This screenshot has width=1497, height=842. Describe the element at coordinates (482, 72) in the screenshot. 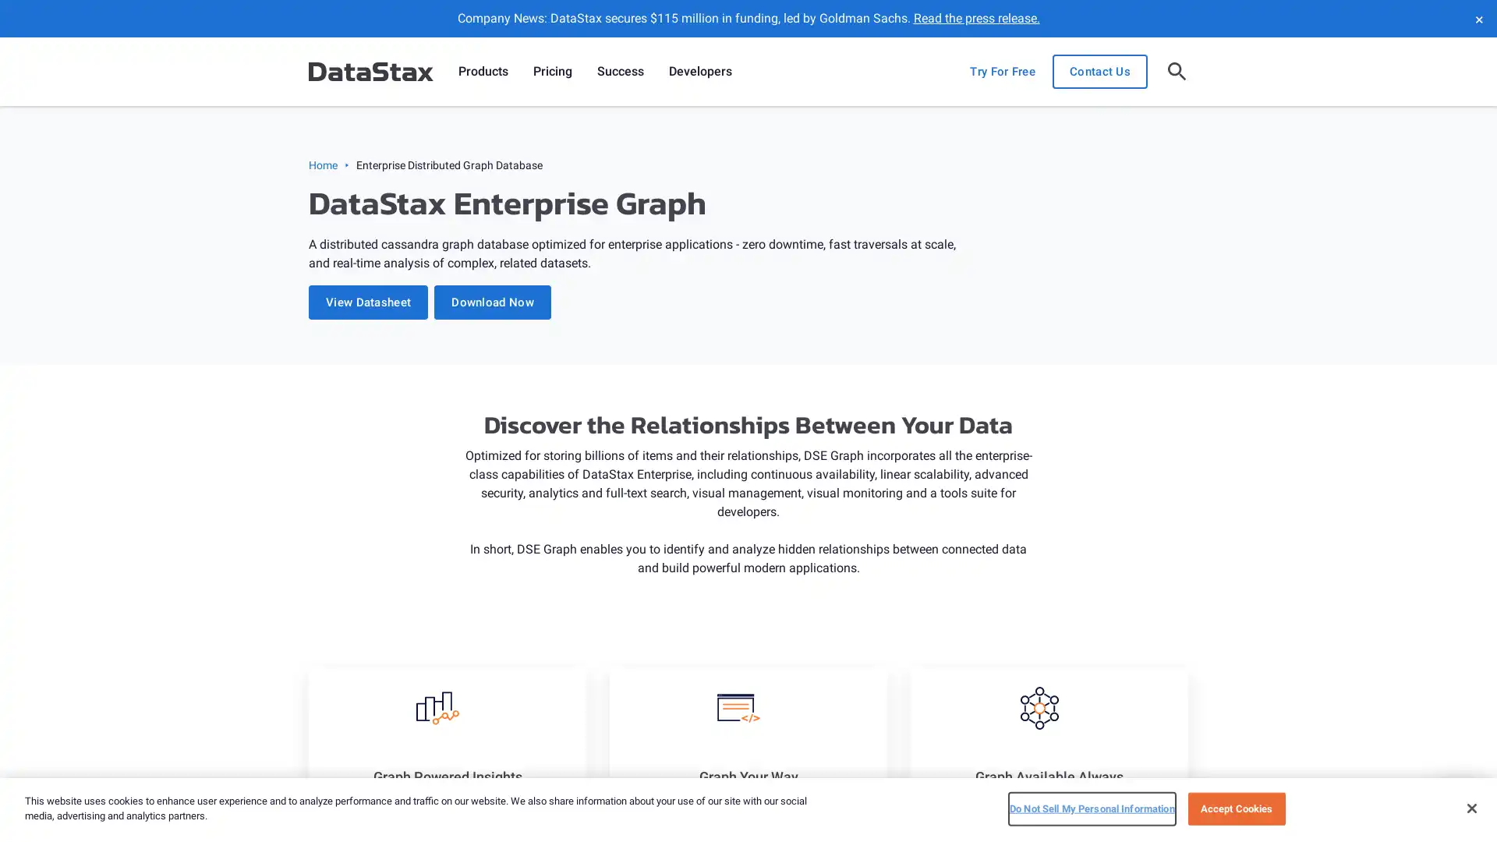

I see `Products` at that location.